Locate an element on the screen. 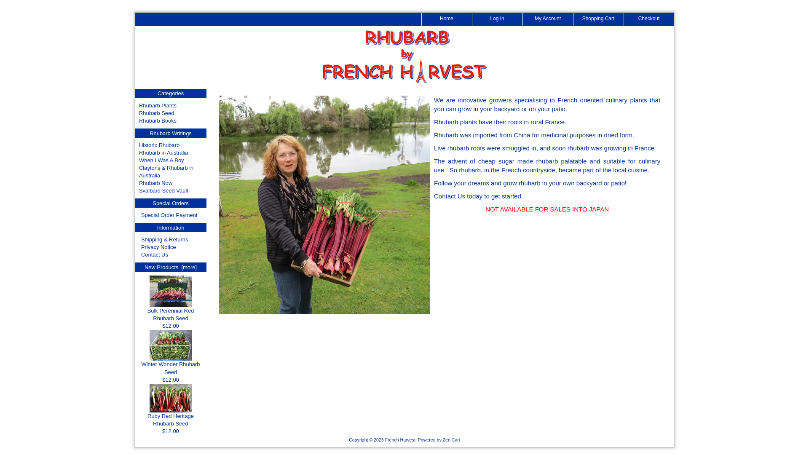  'Privacy Notice' is located at coordinates (158, 246).